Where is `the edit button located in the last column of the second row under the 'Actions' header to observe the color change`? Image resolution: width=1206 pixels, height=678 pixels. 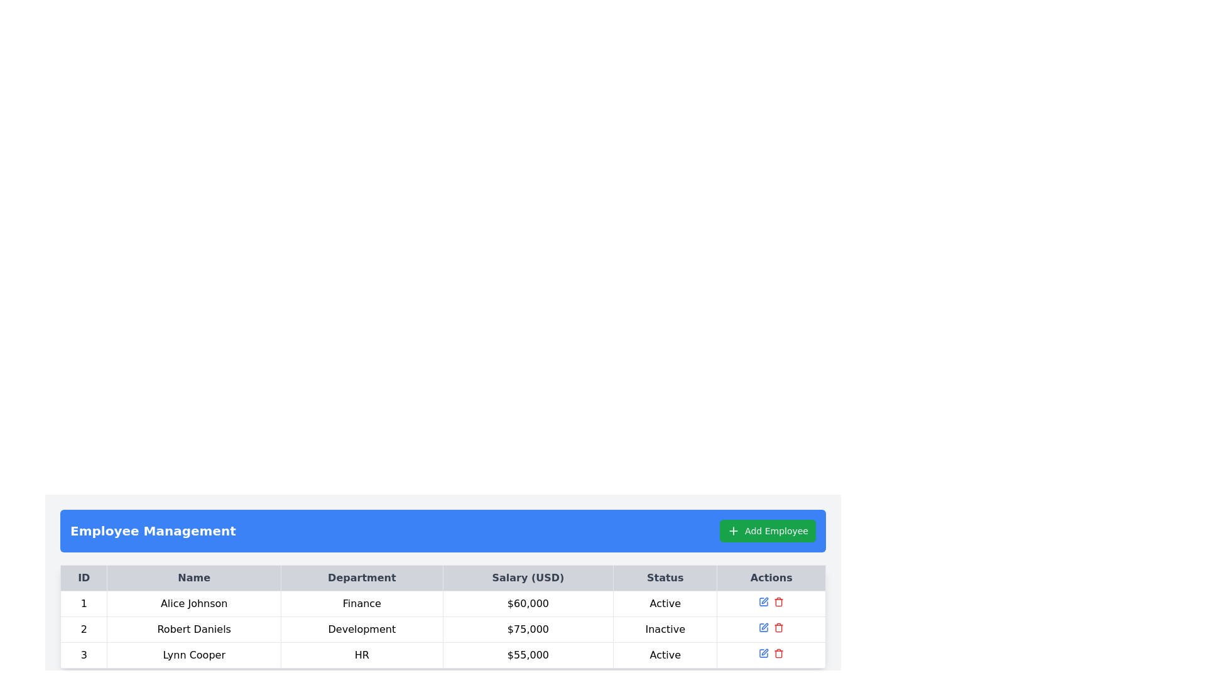 the edit button located in the last column of the second row under the 'Actions' header to observe the color change is located at coordinates (763, 627).